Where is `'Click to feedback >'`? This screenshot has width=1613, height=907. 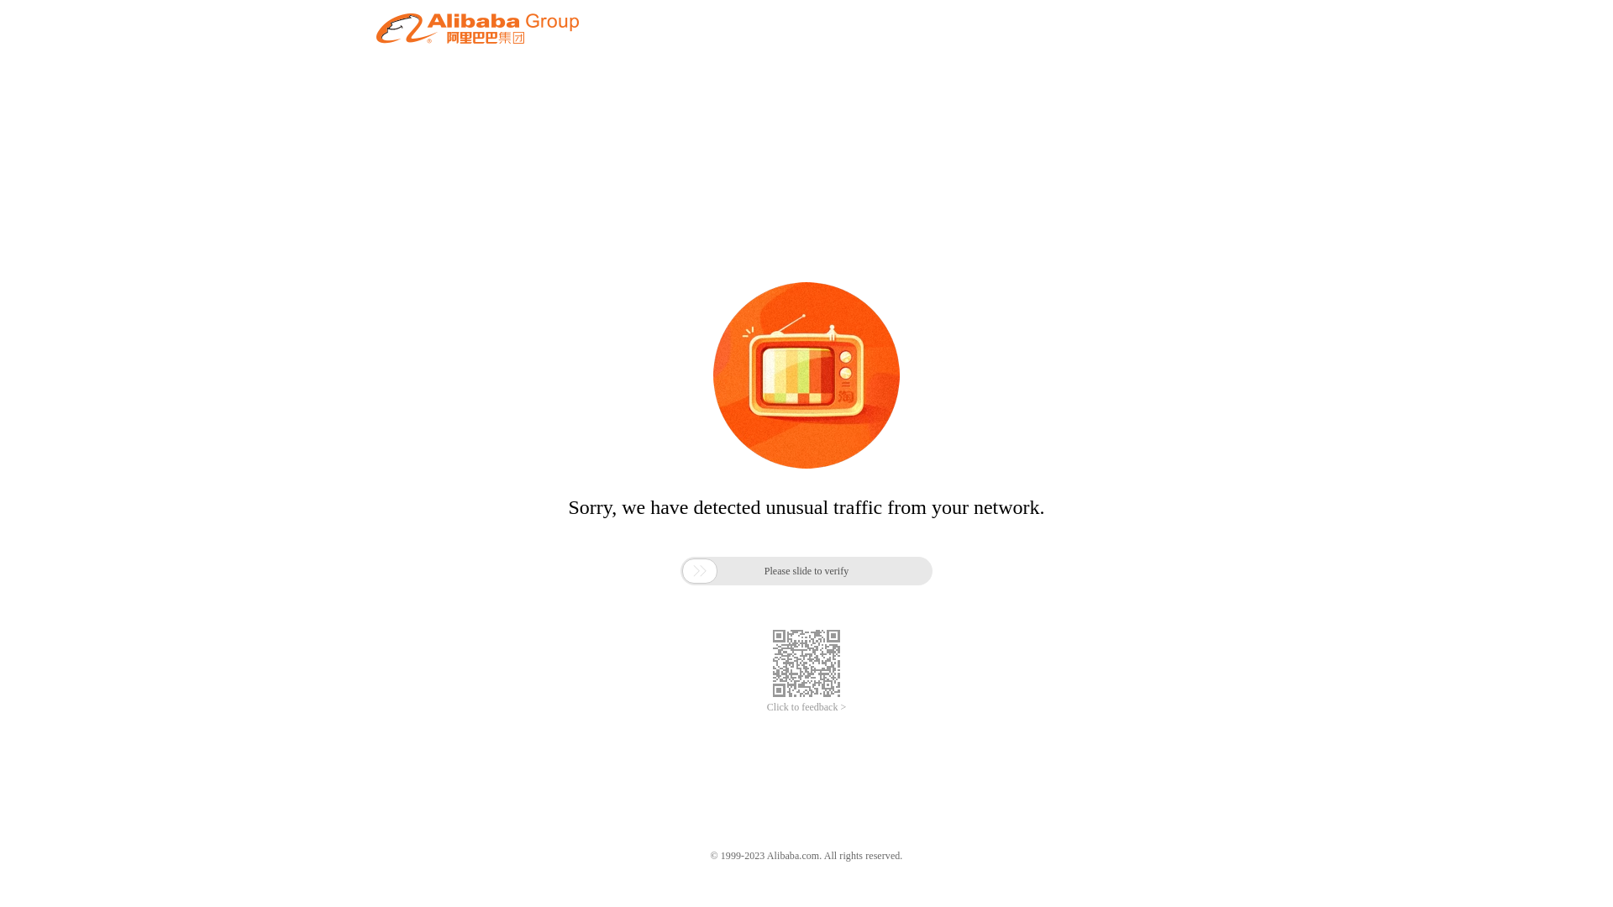 'Click to feedback >' is located at coordinates (806, 707).